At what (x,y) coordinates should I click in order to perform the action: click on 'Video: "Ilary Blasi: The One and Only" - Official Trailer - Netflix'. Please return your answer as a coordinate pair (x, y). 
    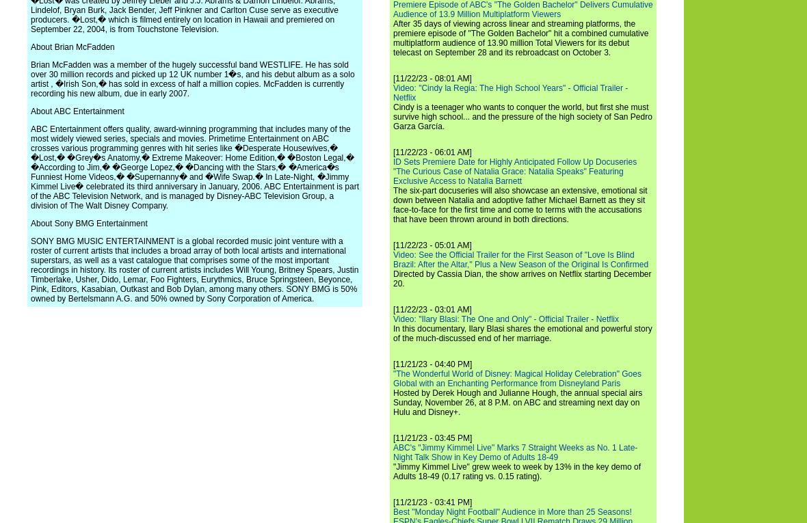
    Looking at the image, I should click on (505, 319).